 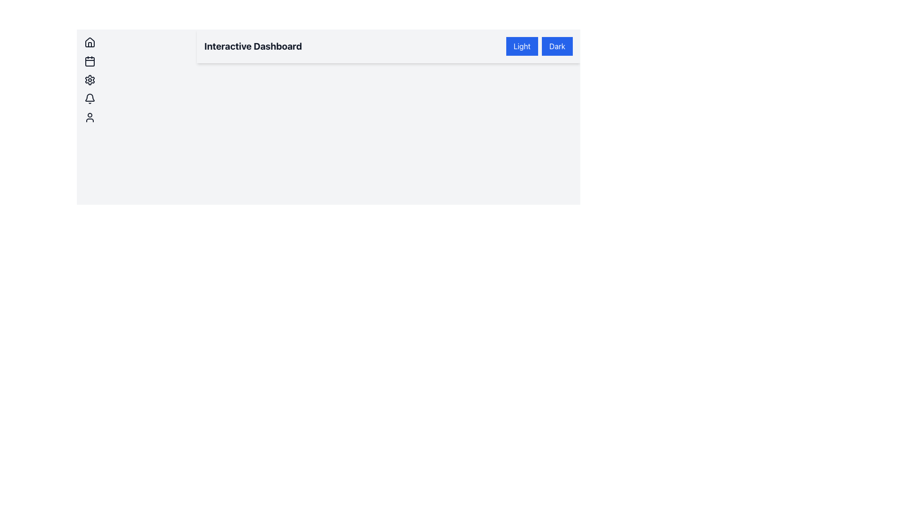 What do you see at coordinates (90, 79) in the screenshot?
I see `the gear icon, which is the third icon` at bounding box center [90, 79].